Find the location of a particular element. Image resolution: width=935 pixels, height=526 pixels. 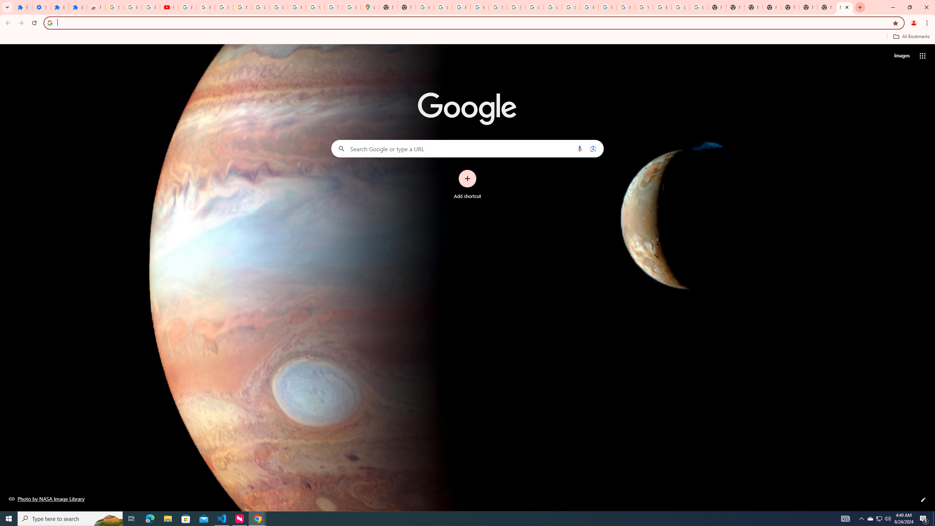

'Search by image' is located at coordinates (592, 148).